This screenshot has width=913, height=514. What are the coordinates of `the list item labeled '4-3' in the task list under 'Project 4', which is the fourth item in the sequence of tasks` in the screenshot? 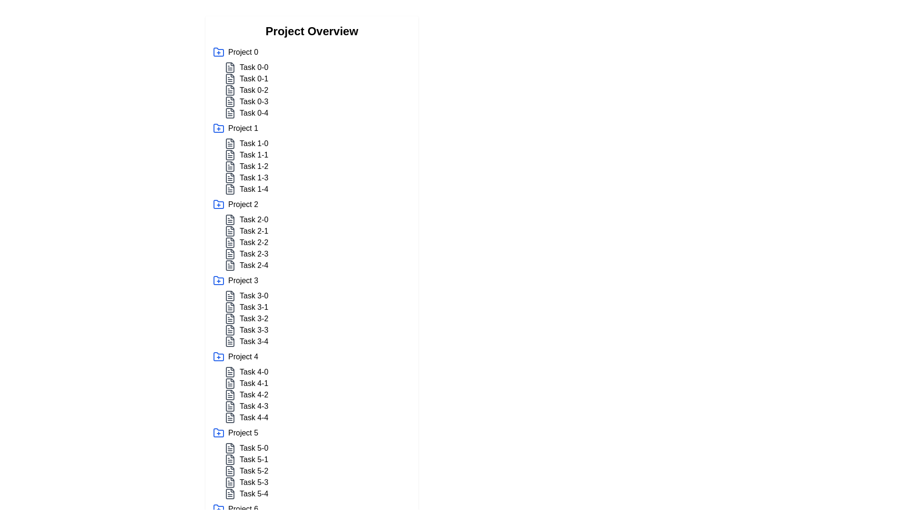 It's located at (317, 406).